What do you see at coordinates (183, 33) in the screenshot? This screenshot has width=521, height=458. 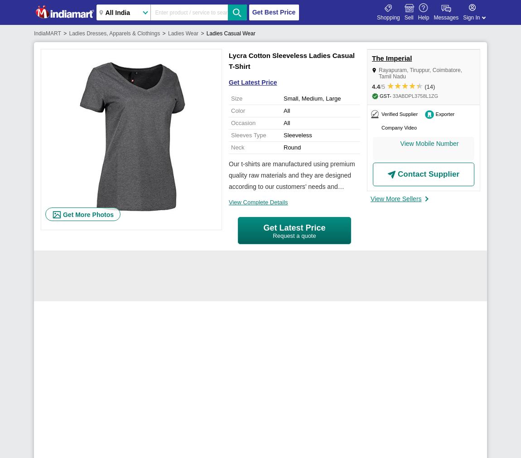 I see `'Ladies Wear'` at bounding box center [183, 33].